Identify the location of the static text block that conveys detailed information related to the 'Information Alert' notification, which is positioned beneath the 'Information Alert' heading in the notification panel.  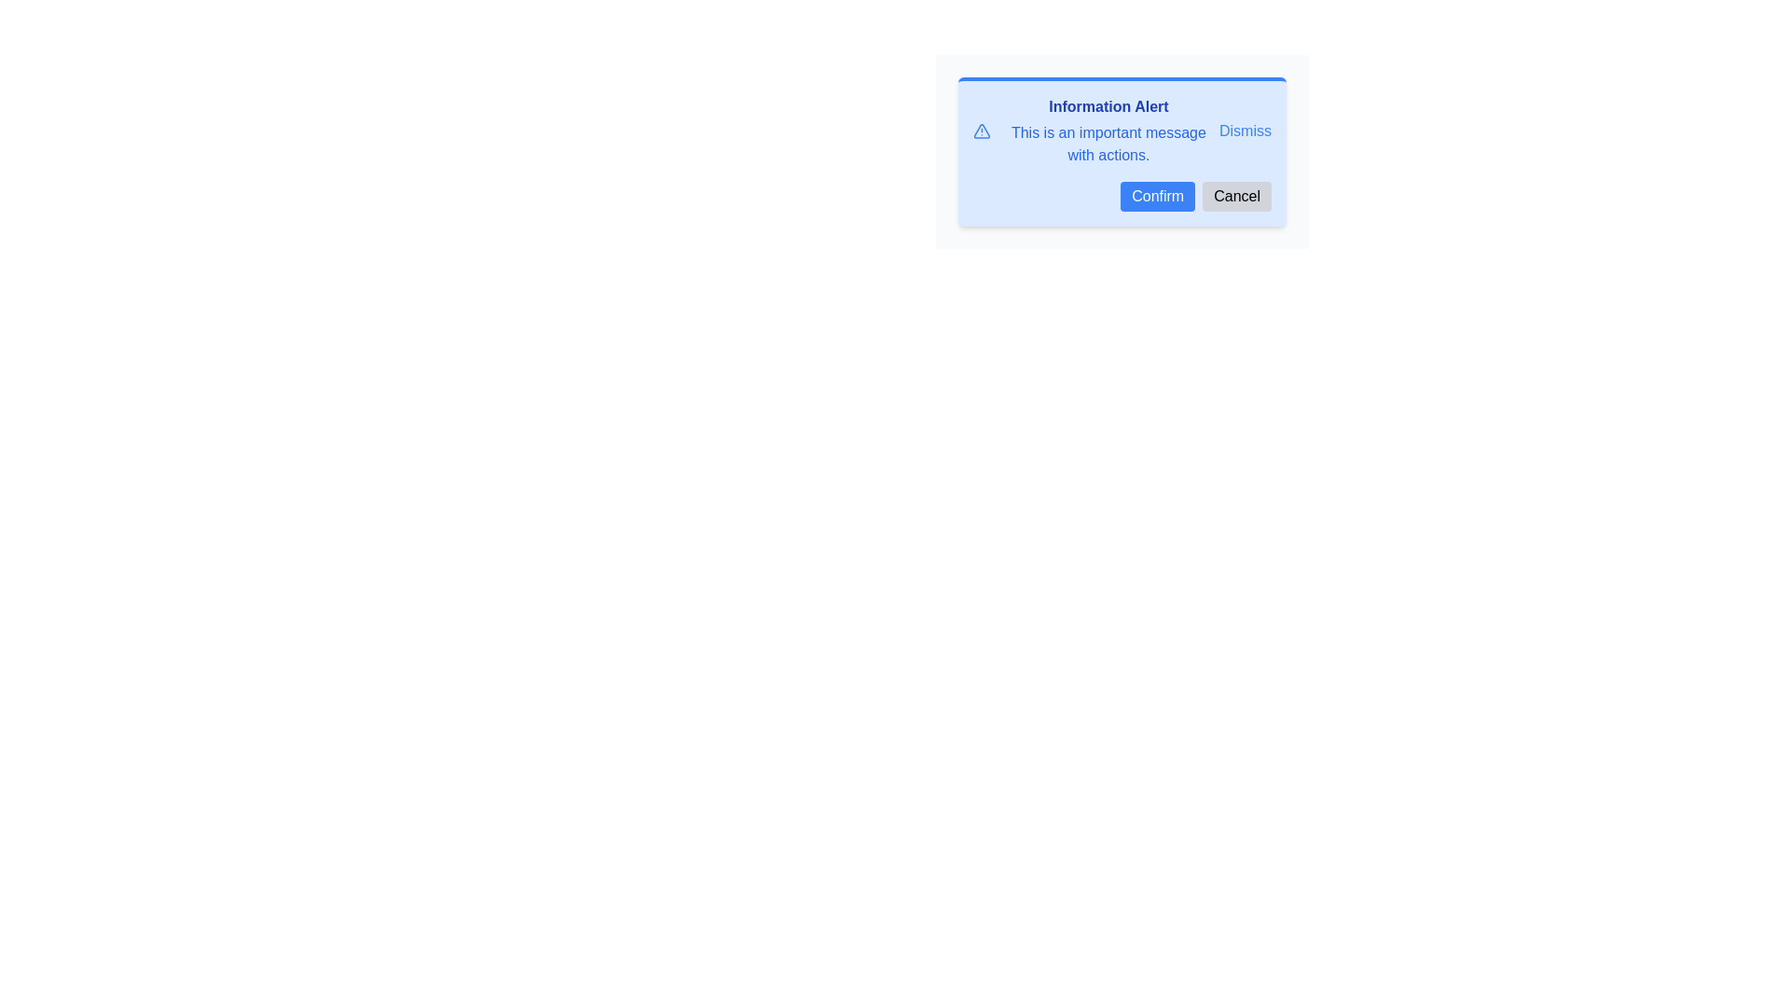
(1108, 143).